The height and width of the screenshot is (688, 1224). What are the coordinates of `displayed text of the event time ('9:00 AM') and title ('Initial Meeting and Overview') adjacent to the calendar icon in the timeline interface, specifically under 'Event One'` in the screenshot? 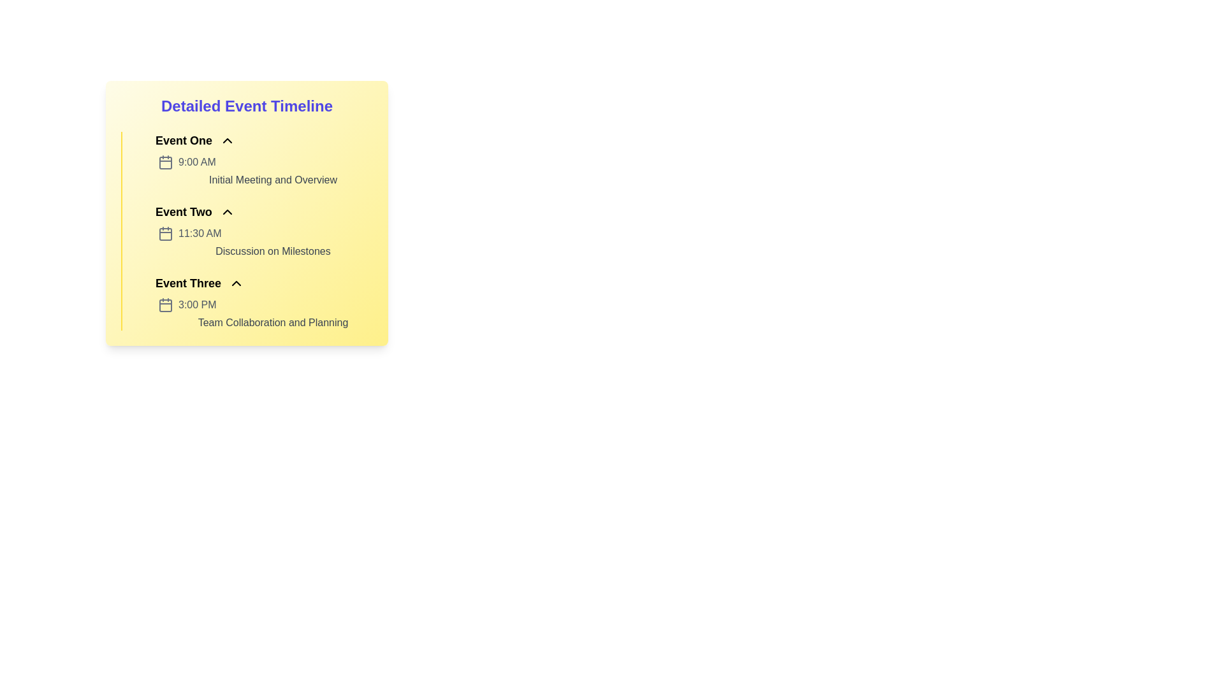 It's located at (265, 171).